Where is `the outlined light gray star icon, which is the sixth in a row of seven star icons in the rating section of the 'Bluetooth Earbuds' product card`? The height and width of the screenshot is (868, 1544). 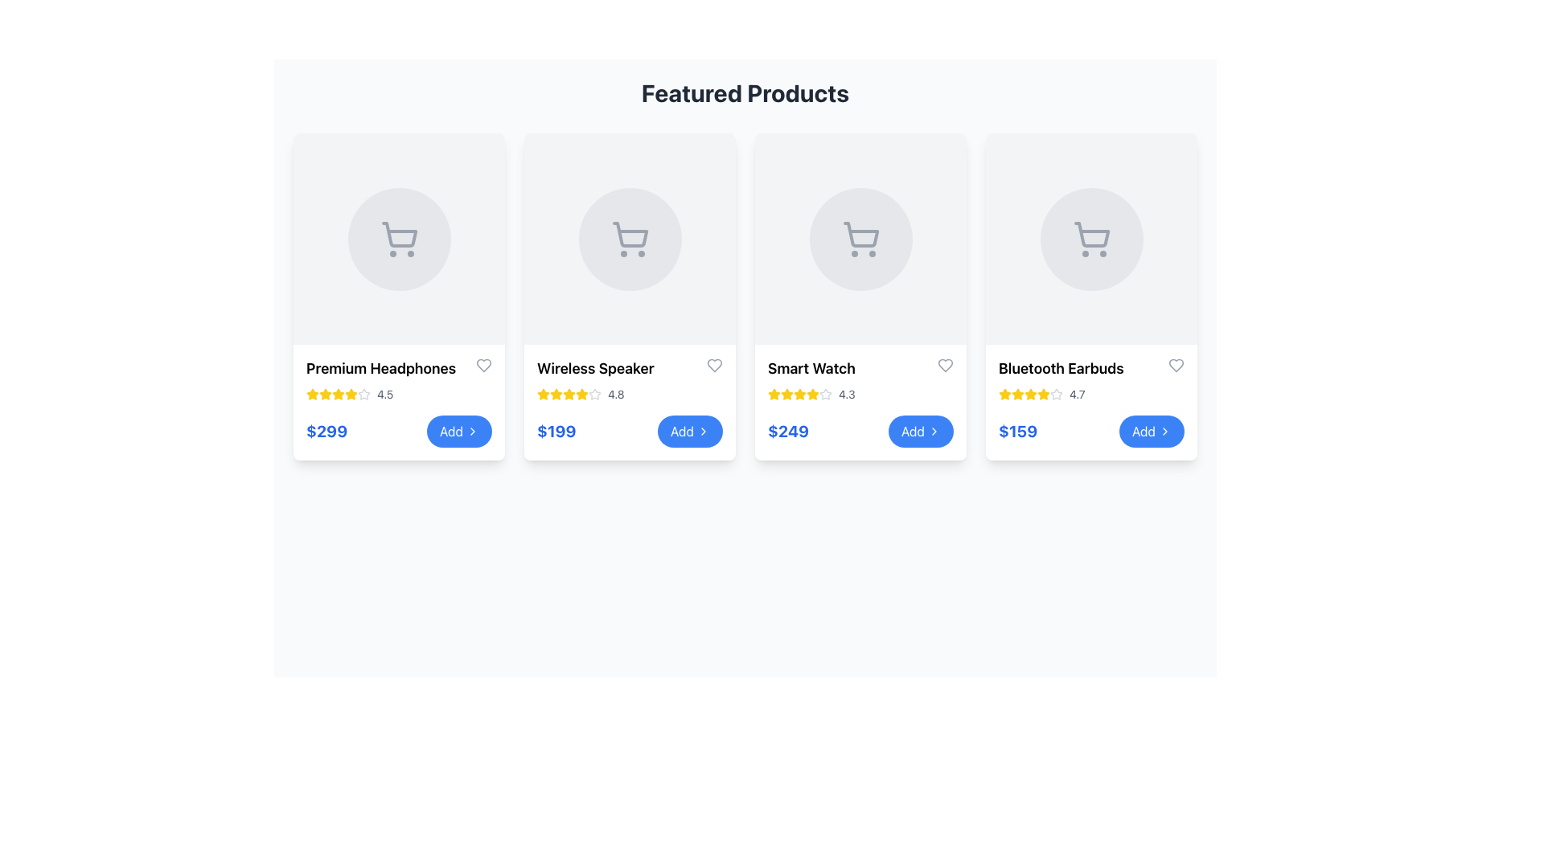 the outlined light gray star icon, which is the sixth in a row of seven star icons in the rating section of the 'Bluetooth Earbuds' product card is located at coordinates (1057, 394).